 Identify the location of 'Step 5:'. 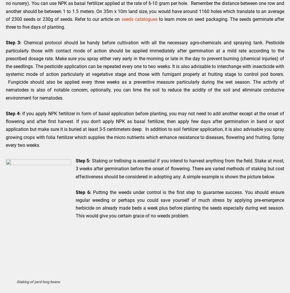
(76, 160).